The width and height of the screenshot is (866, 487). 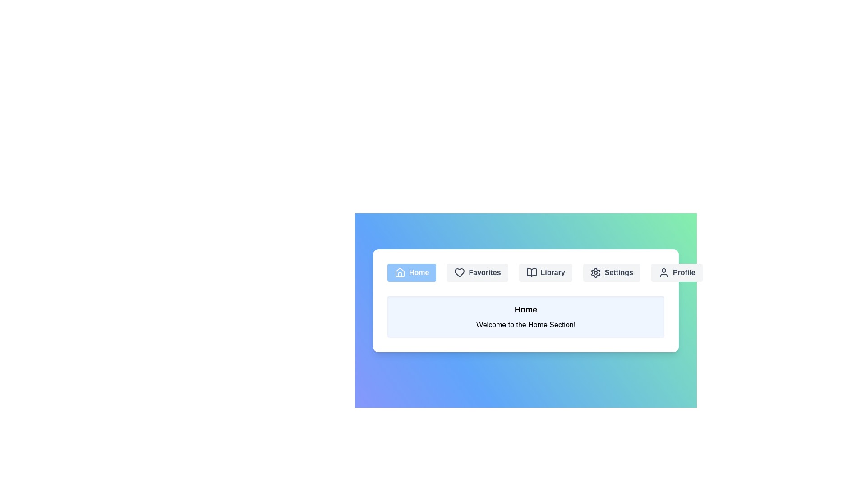 What do you see at coordinates (484, 272) in the screenshot?
I see `the 'Favorites' text label in the navigation bar, which indicates its function to navigate to the Favorites section` at bounding box center [484, 272].